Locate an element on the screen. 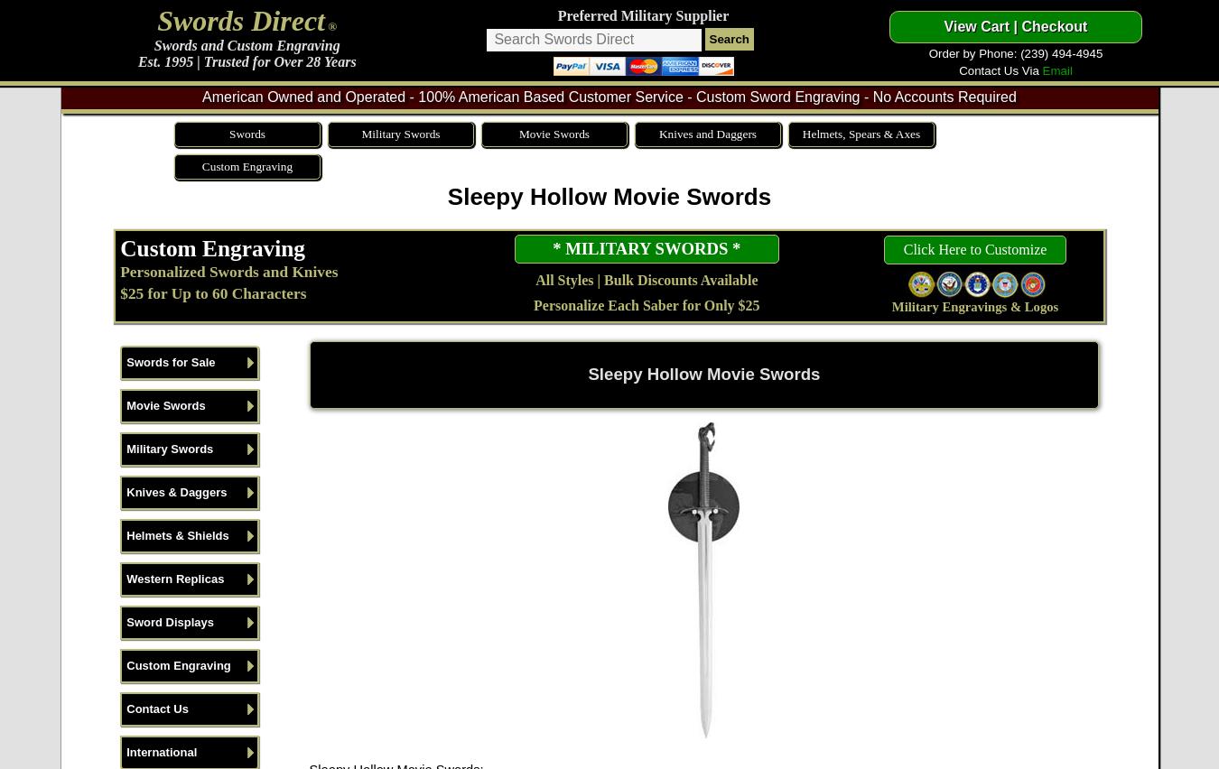 This screenshot has width=1219, height=769. 'Military  Engravings & Logos' is located at coordinates (974, 307).